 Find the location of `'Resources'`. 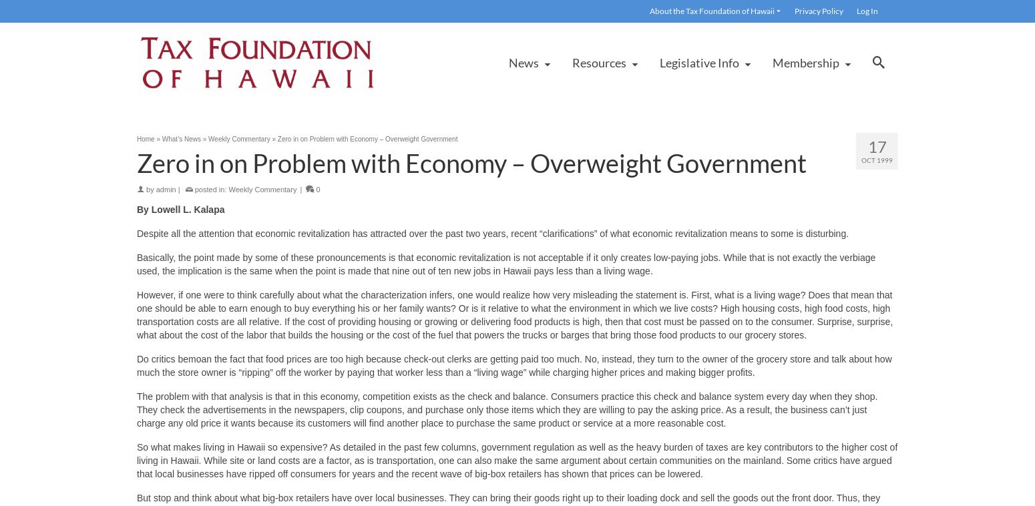

'Resources' is located at coordinates (599, 61).